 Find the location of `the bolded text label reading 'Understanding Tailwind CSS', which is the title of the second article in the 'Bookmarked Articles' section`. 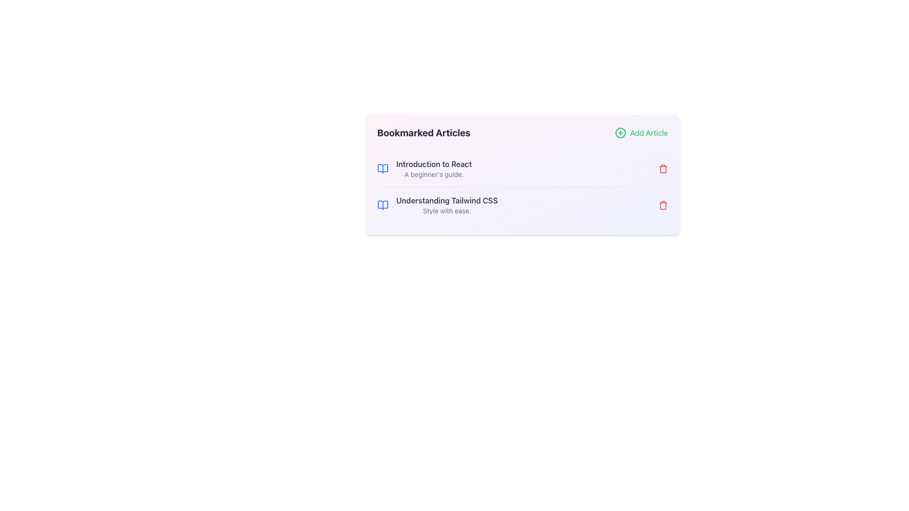

the bolded text label reading 'Understanding Tailwind CSS', which is the title of the second article in the 'Bookmarked Articles' section is located at coordinates (446, 200).